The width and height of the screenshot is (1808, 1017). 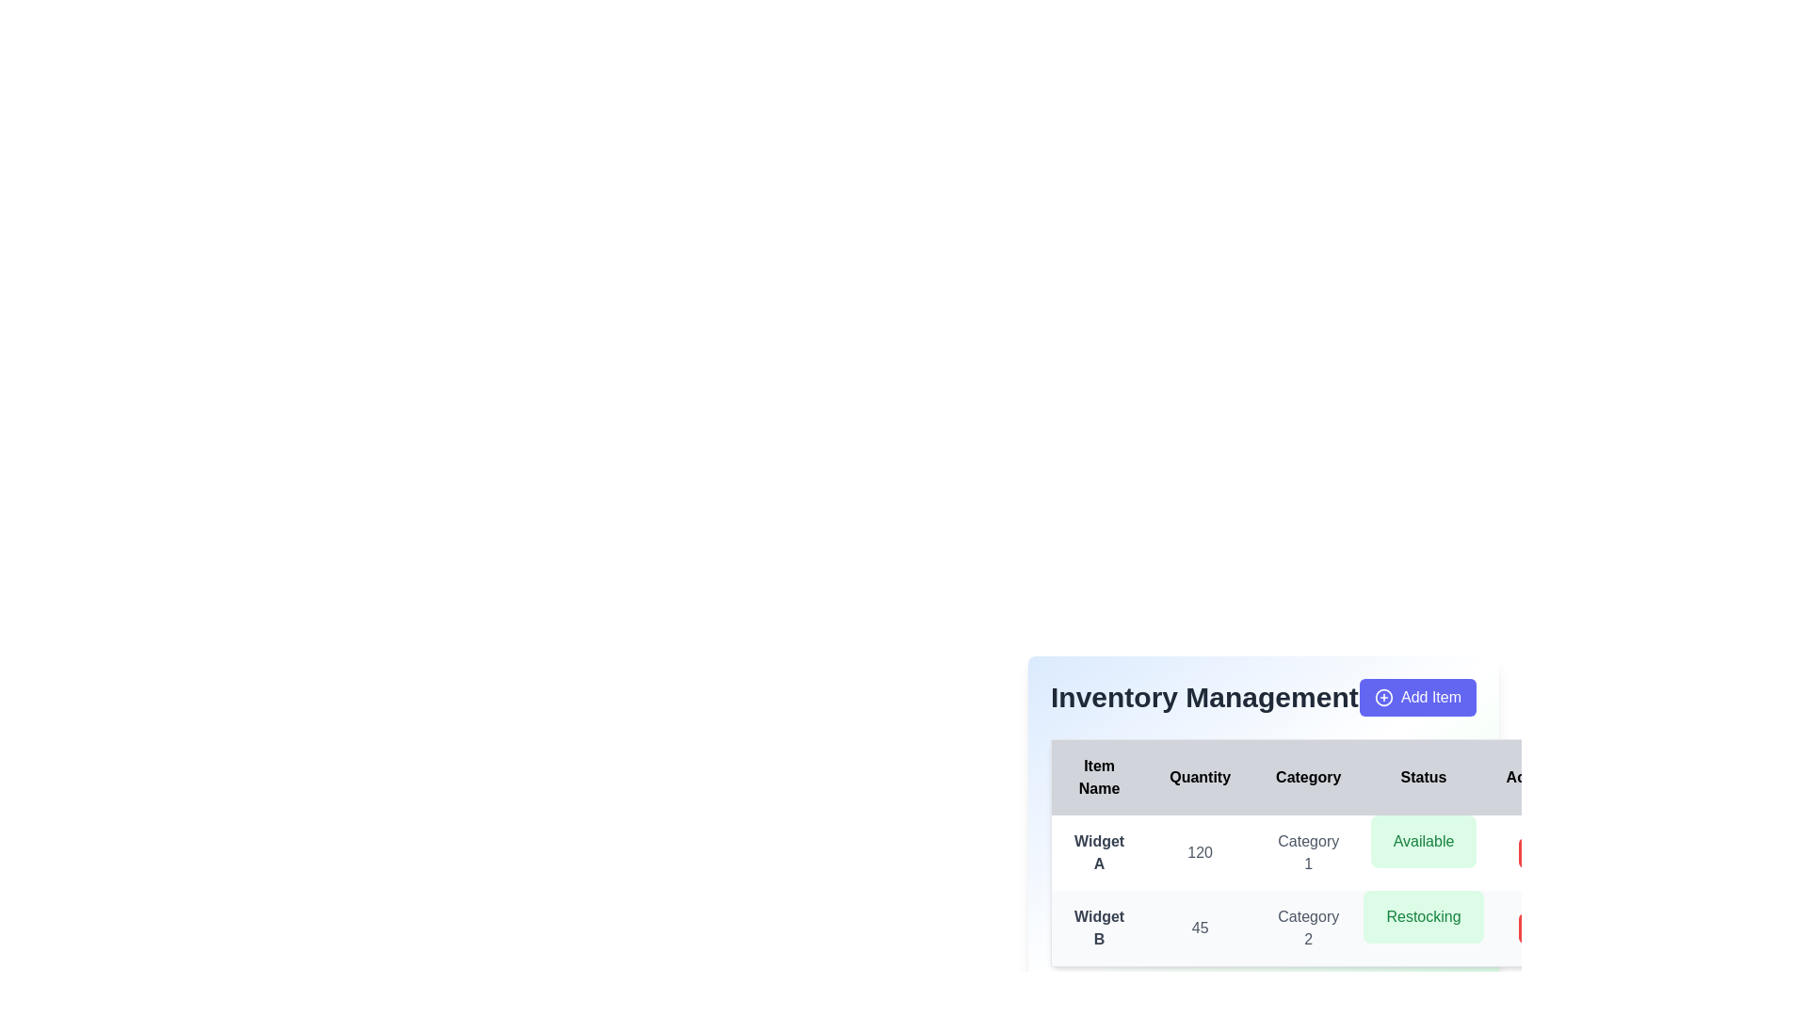 What do you see at coordinates (1424, 841) in the screenshot?
I see `the green button-like label displaying 'Available' in the 'Status' column of the first row in the table` at bounding box center [1424, 841].